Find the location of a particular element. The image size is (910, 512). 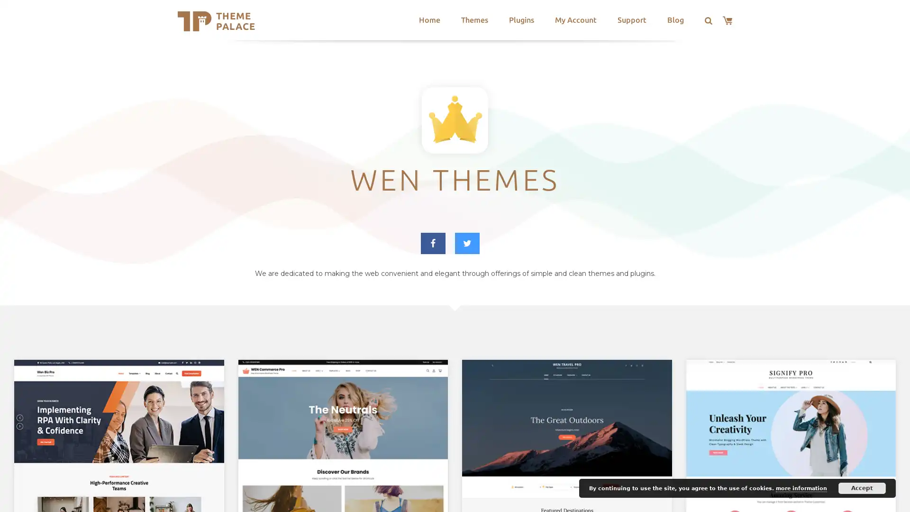

Search is located at coordinates (292, 21).